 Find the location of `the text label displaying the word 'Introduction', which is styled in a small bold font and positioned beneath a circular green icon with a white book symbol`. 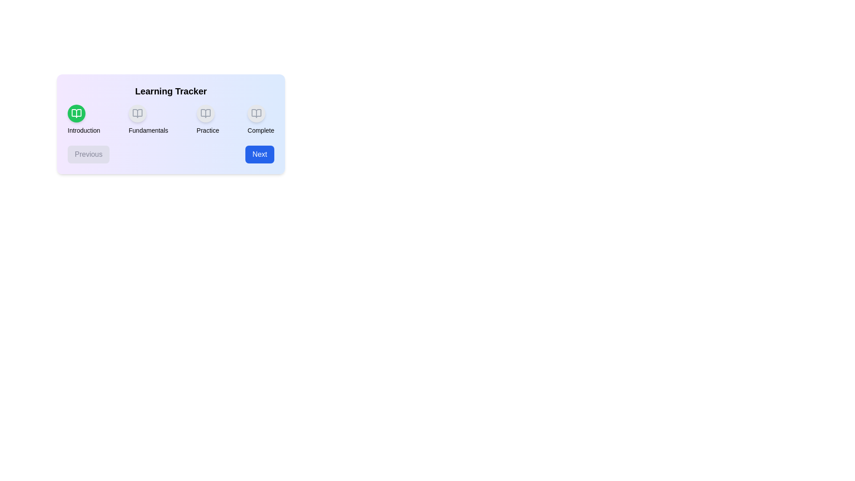

the text label displaying the word 'Introduction', which is styled in a small bold font and positioned beneath a circular green icon with a white book symbol is located at coordinates (84, 130).